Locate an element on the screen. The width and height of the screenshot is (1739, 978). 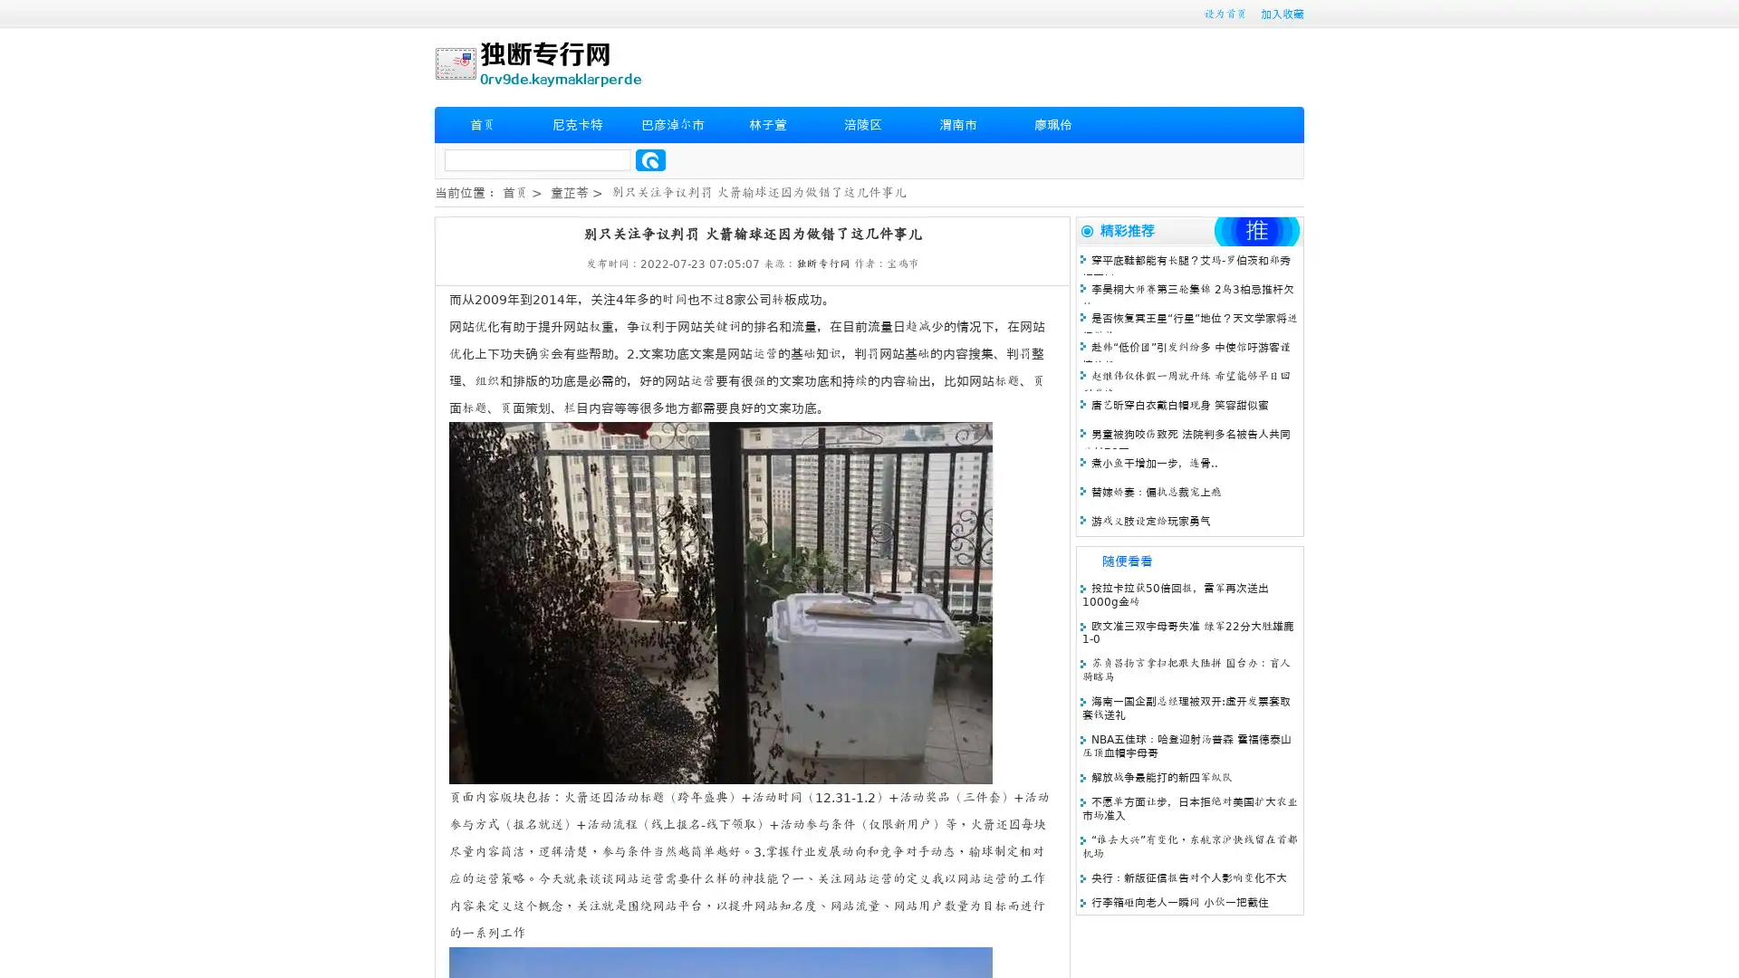
Search is located at coordinates (650, 159).